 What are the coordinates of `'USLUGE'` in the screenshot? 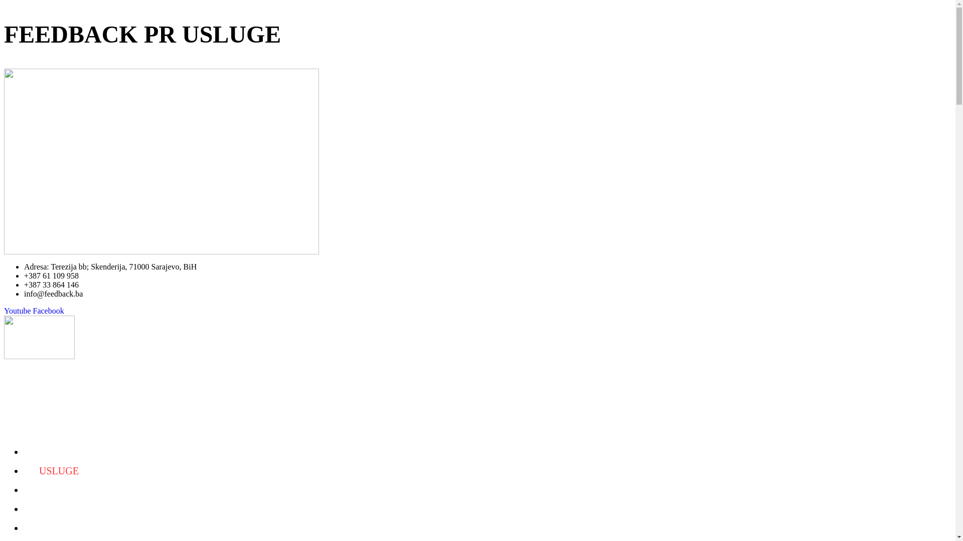 It's located at (58, 471).